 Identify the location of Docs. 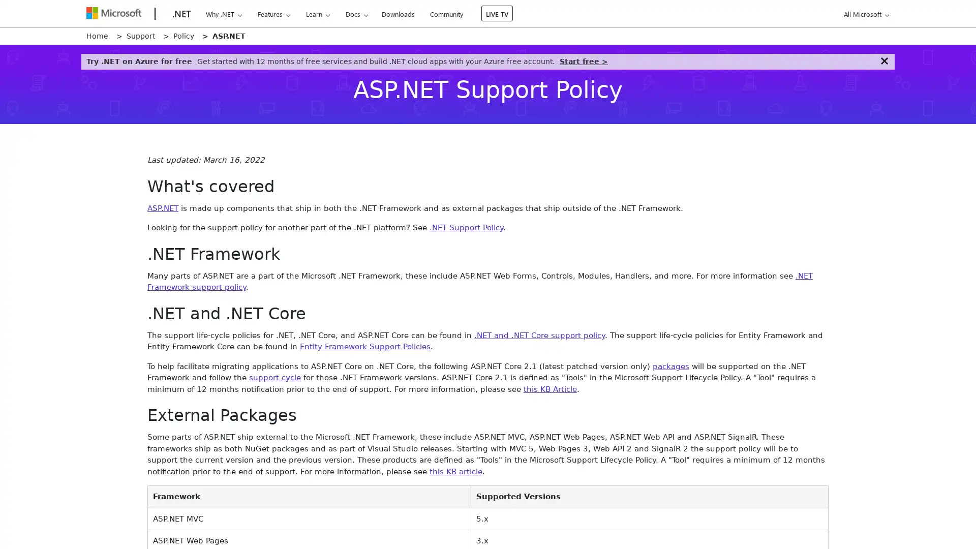
(356, 14).